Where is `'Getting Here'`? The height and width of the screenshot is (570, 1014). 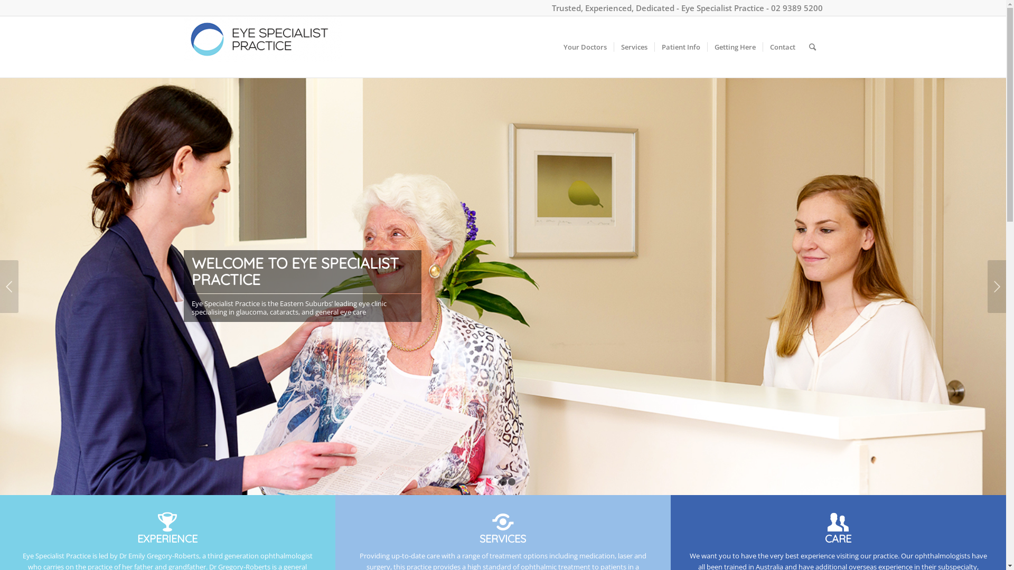 'Getting Here' is located at coordinates (707, 46).